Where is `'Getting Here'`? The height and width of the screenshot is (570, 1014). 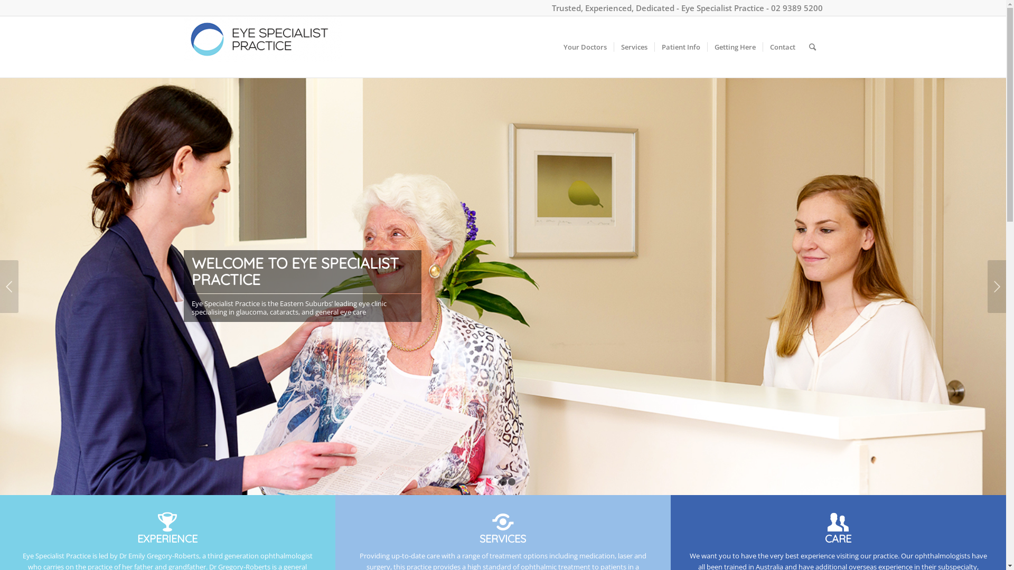 'Getting Here' is located at coordinates (707, 46).